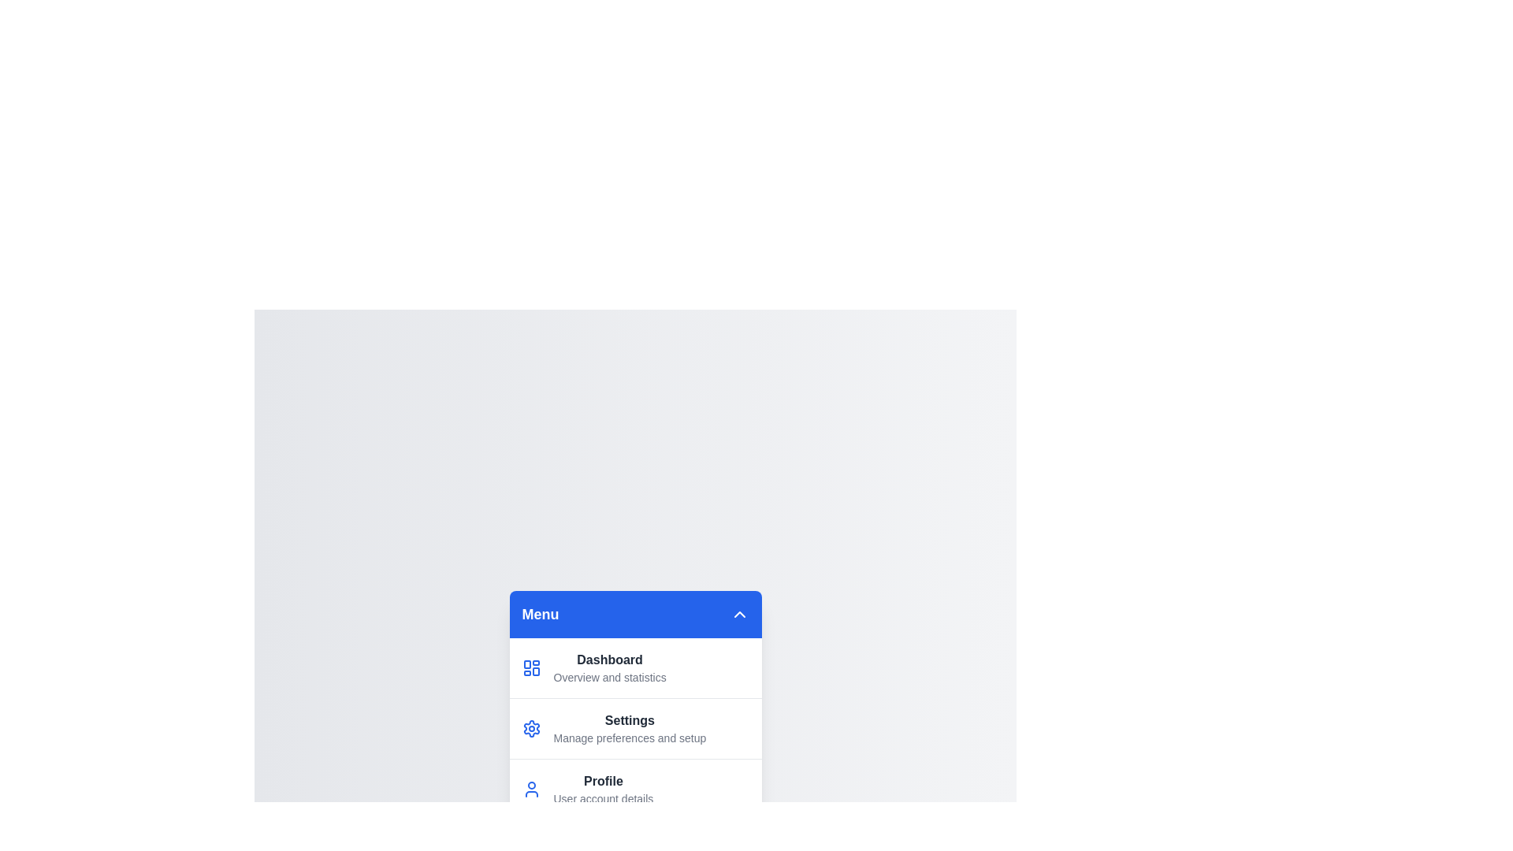  What do you see at coordinates (635, 728) in the screenshot?
I see `the menu item labeled 'Settings' to preview its description` at bounding box center [635, 728].